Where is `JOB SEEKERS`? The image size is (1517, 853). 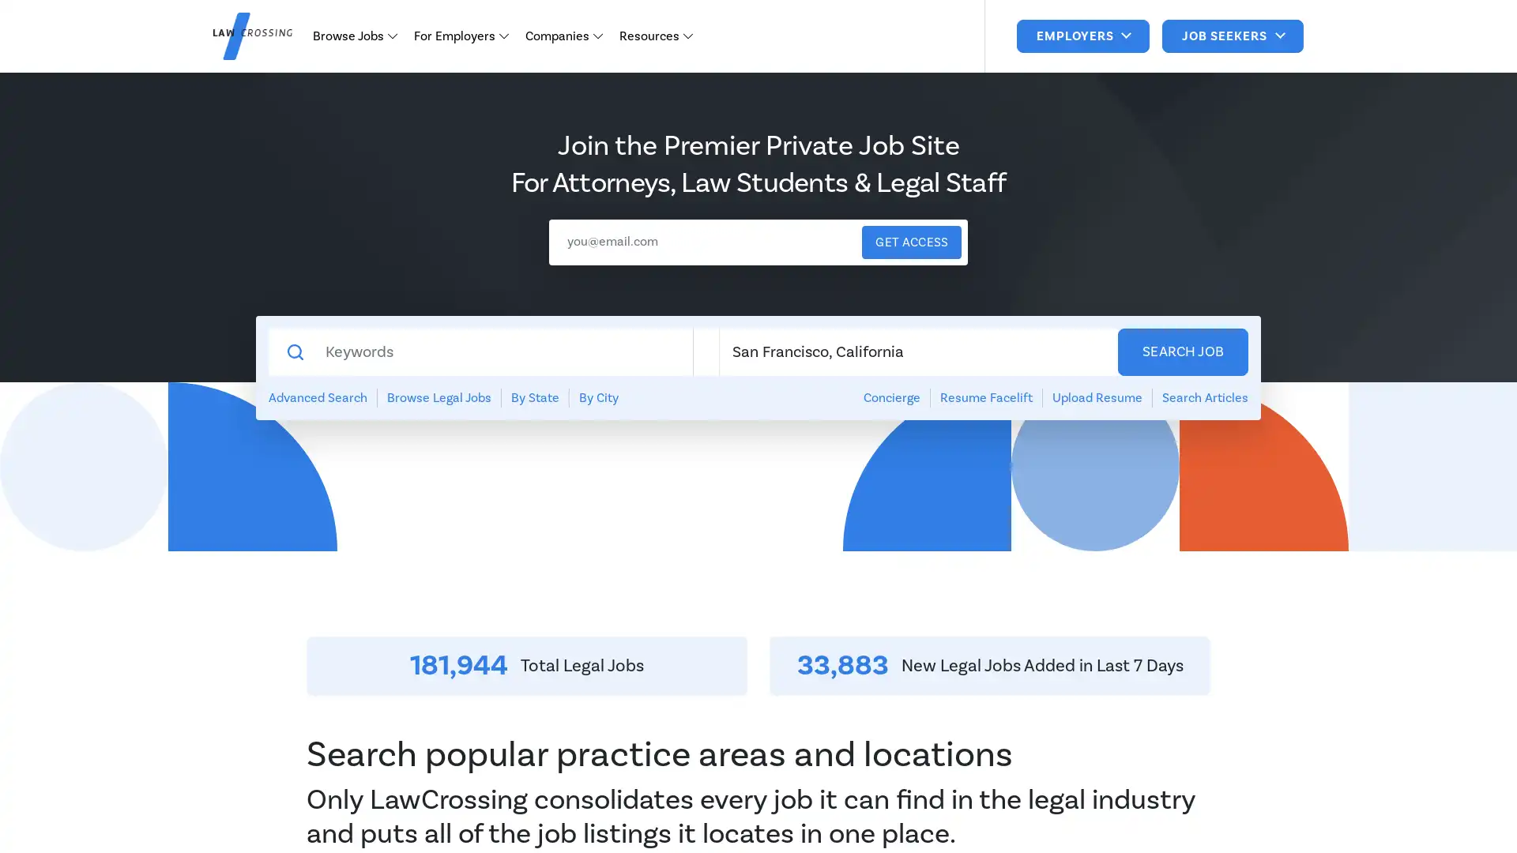 JOB SEEKERS is located at coordinates (1232, 36).